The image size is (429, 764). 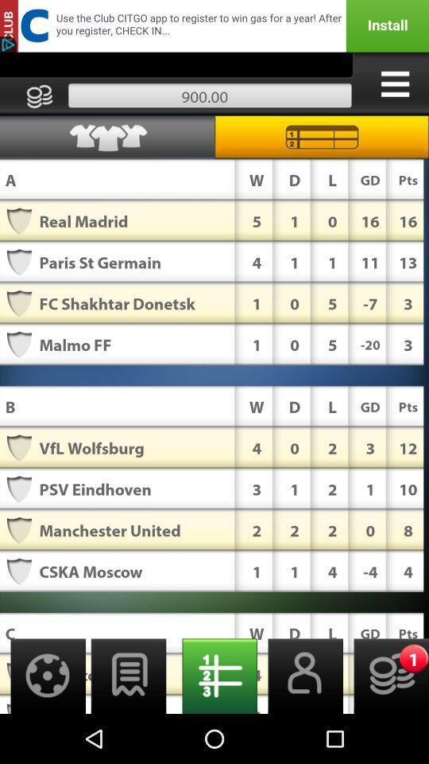 I want to click on the avatar icon, so click(x=300, y=723).